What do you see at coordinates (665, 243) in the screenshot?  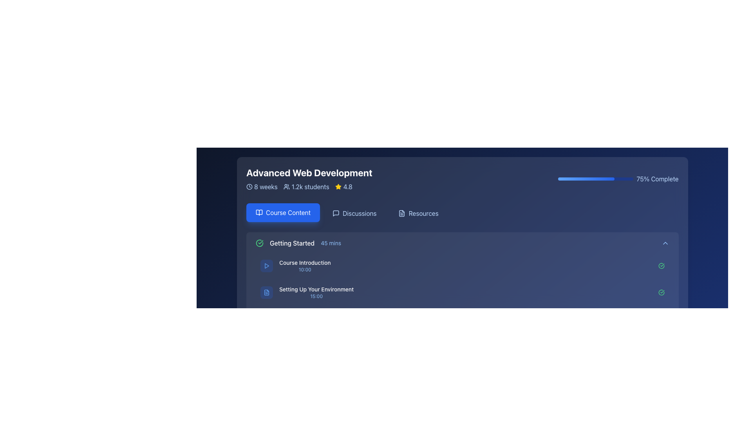 I see `the downward-pointing blue chevron icon` at bounding box center [665, 243].